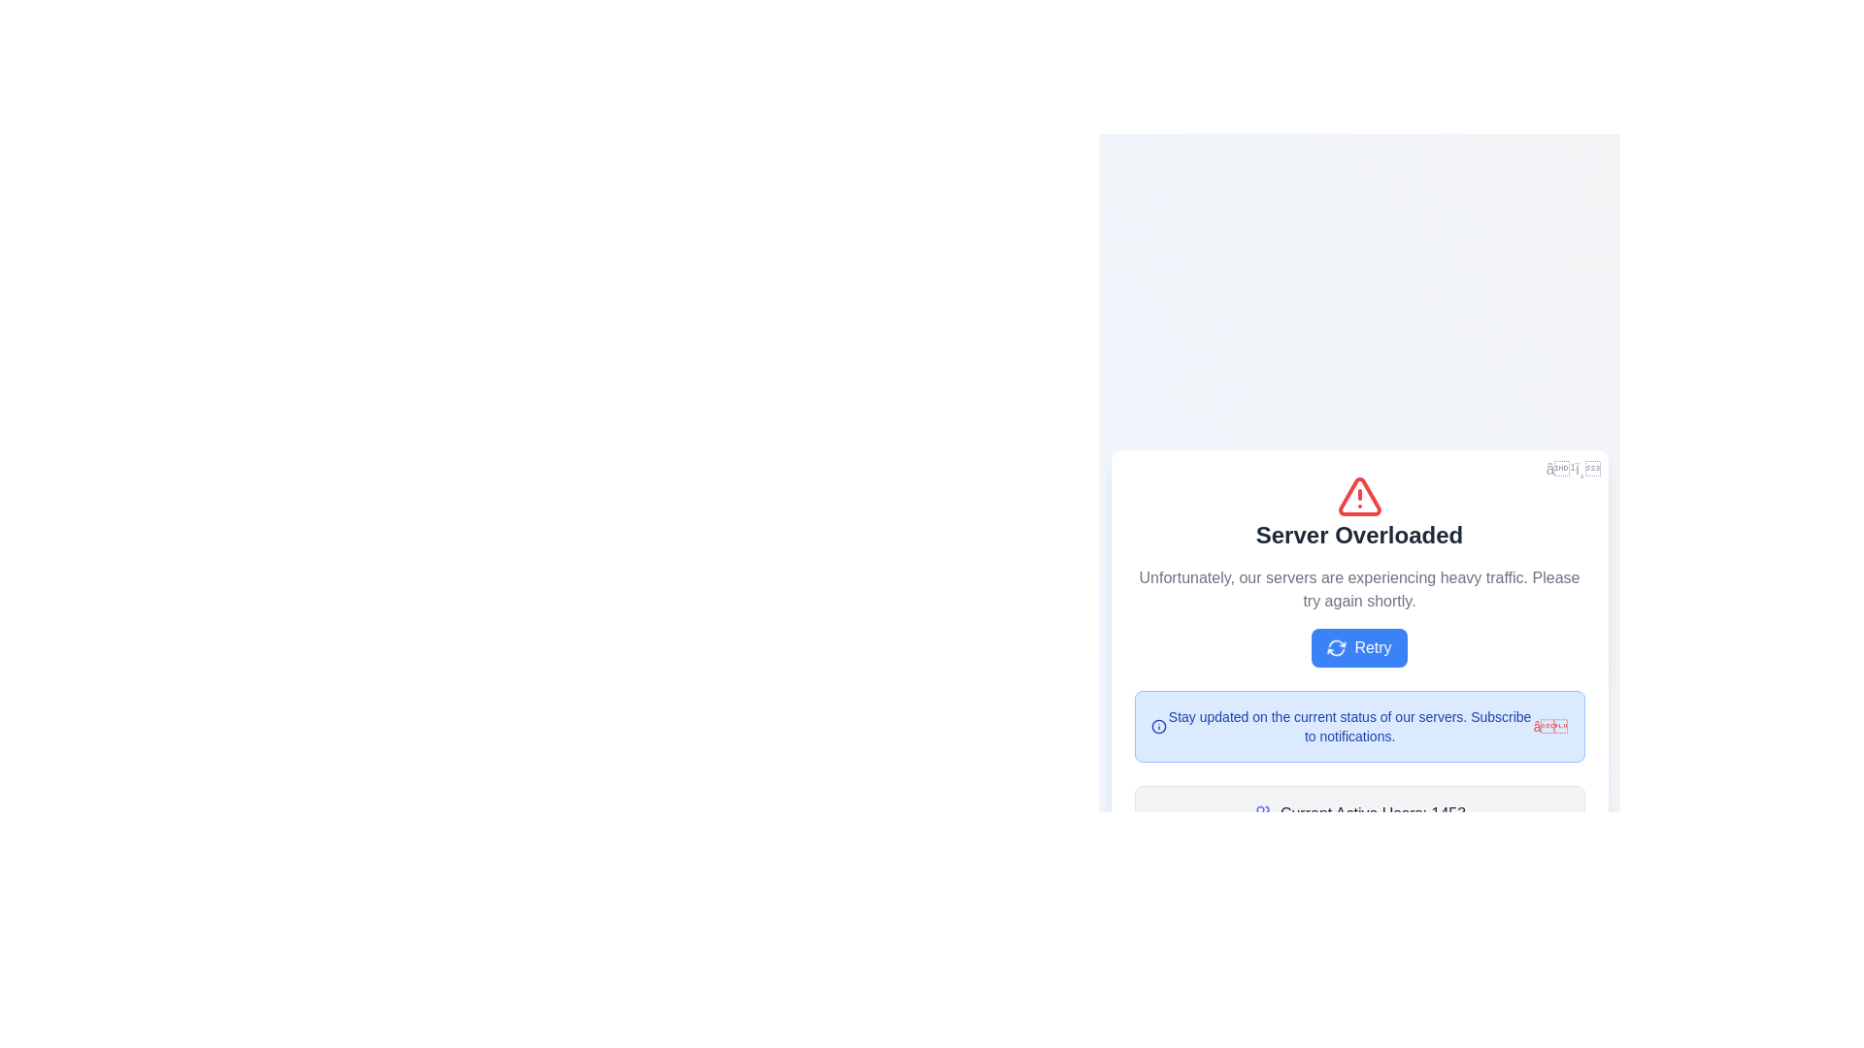  What do you see at coordinates (1336, 647) in the screenshot?
I see `the animation of the retry icon located on the left side of the 'Retry' button in the notification card displaying 'Server Overloaded'` at bounding box center [1336, 647].